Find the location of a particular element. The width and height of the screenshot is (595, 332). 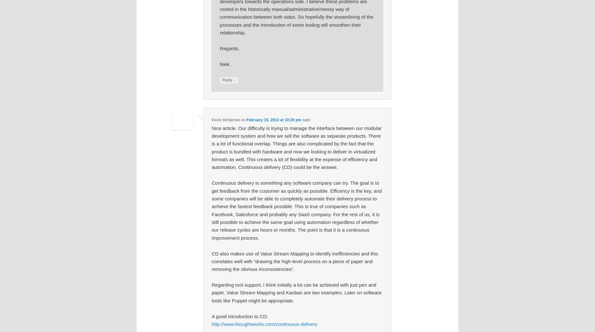

'on' is located at coordinates (240, 120).